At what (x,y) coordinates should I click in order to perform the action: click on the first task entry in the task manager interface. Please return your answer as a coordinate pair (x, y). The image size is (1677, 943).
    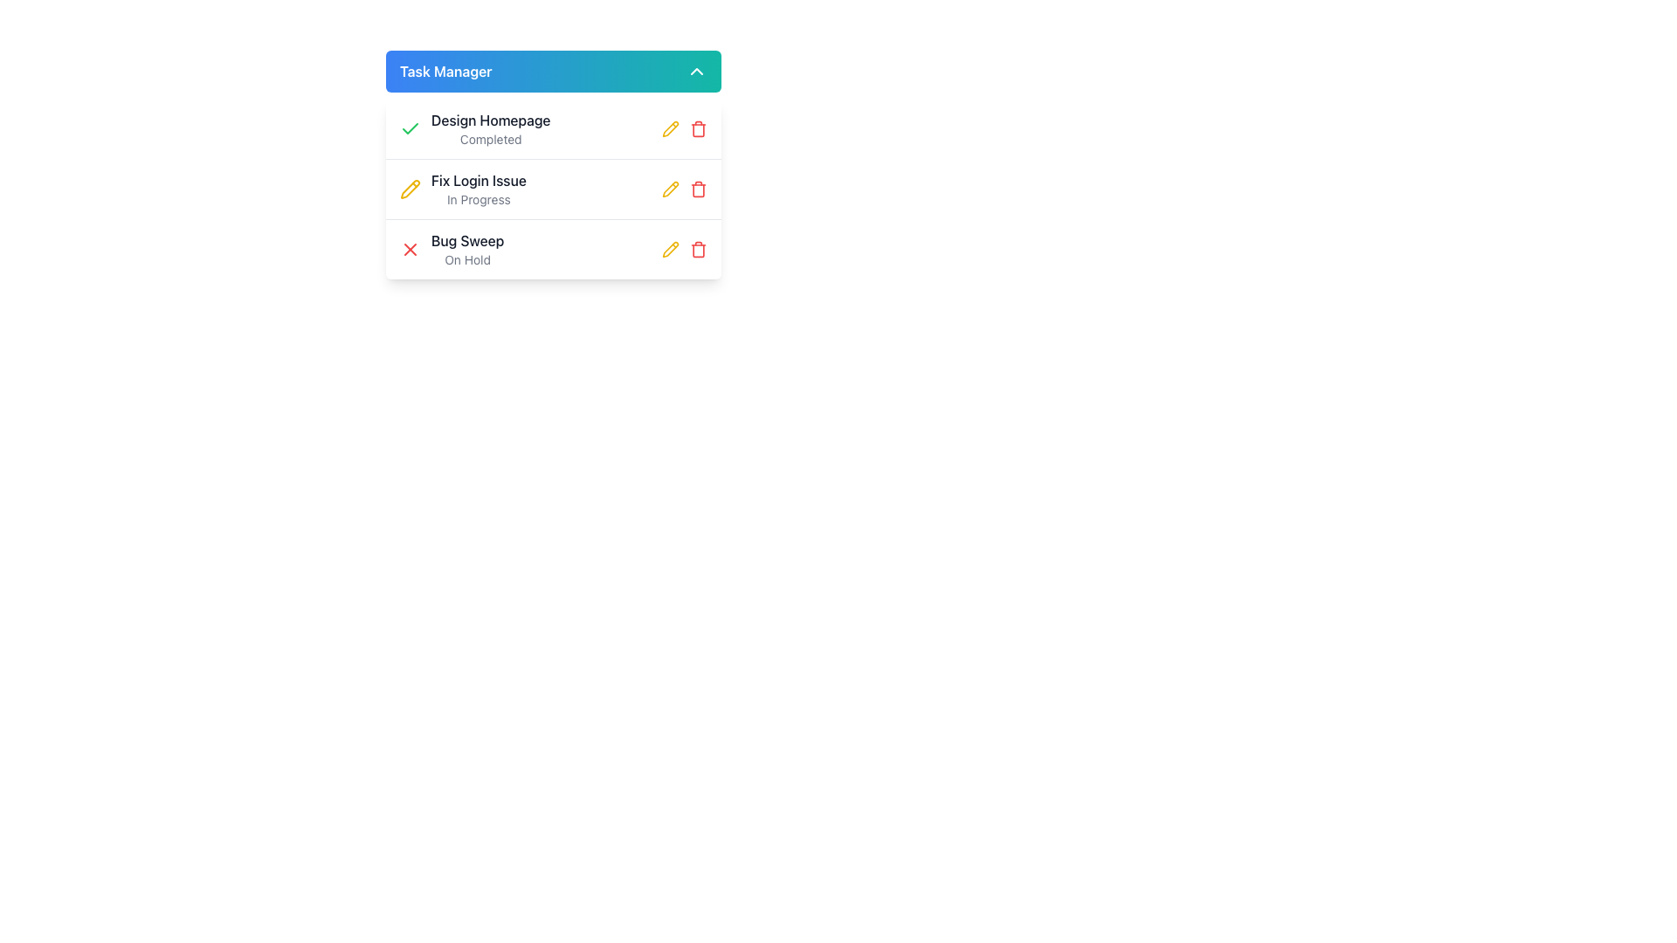
    Looking at the image, I should click on (475, 127).